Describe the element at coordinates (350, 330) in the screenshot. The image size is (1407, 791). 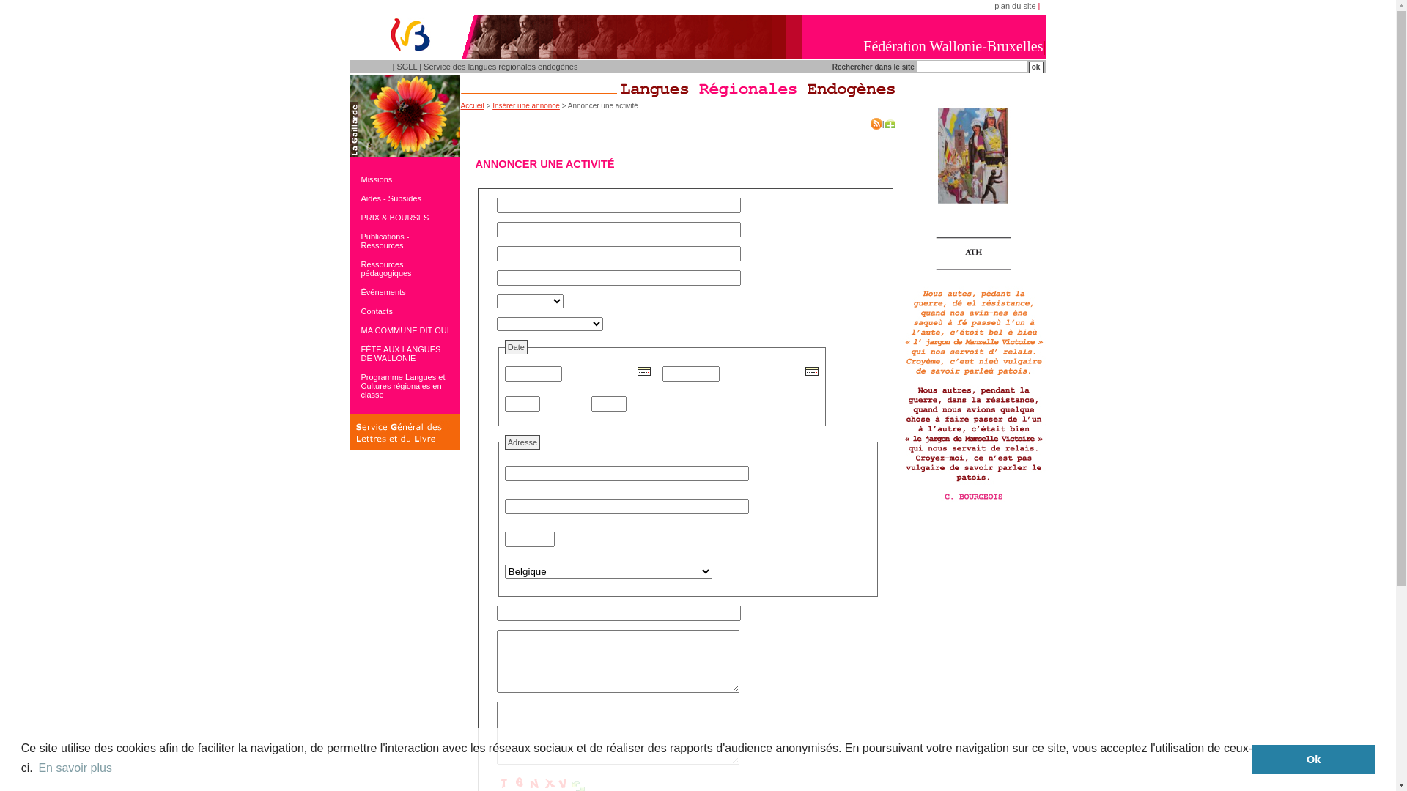
I see `'MA COMMUNE DIT OUI'` at that location.